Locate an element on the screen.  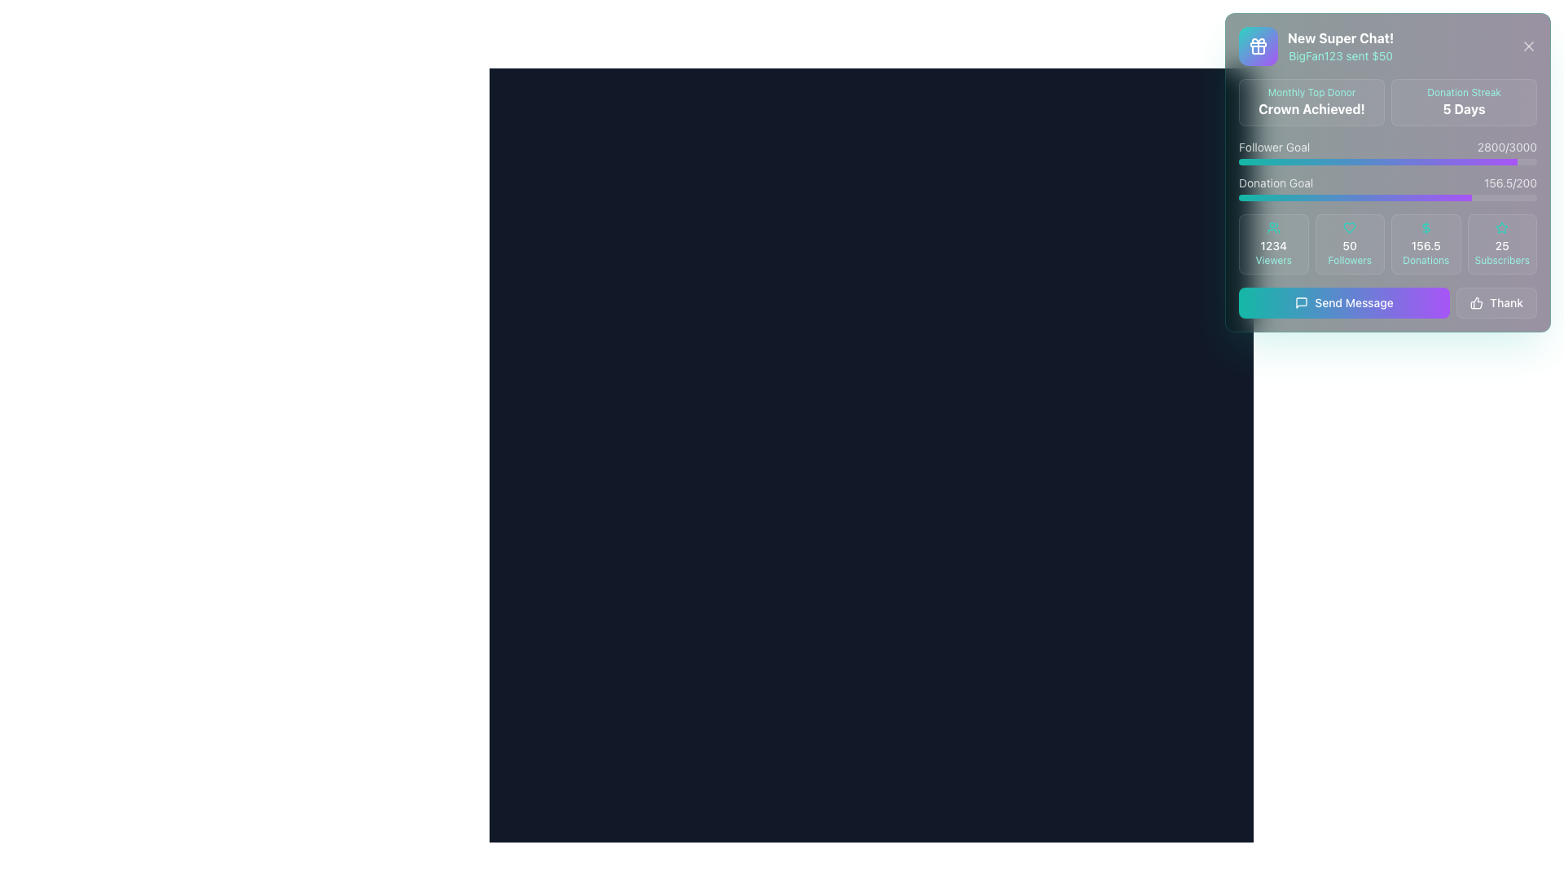
other elements inside the Notification Bar that indicates a new Super Chat event, which features a bold title 'New Super Chat!' and a dismiss button on the right is located at coordinates (1387, 46).